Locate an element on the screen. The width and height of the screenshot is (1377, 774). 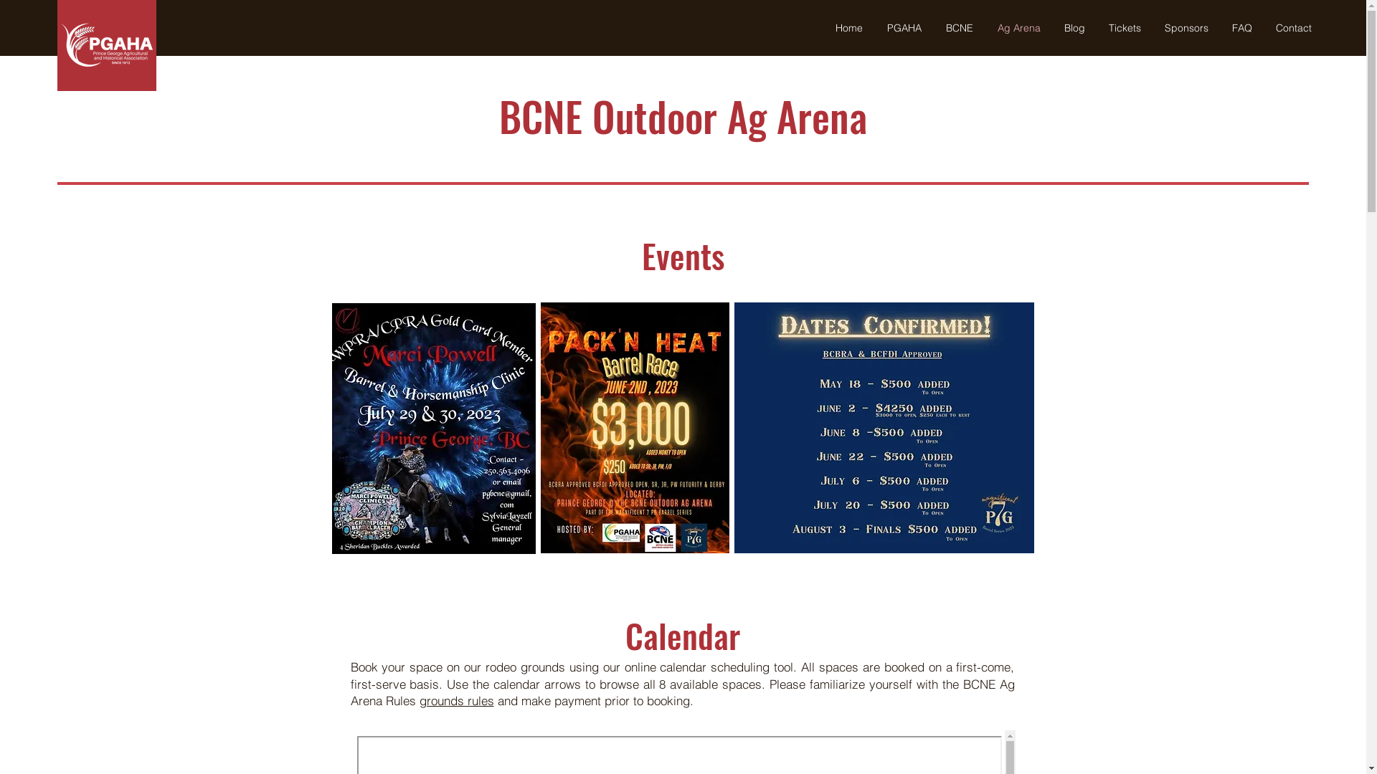
'Contact' is located at coordinates (1293, 27).